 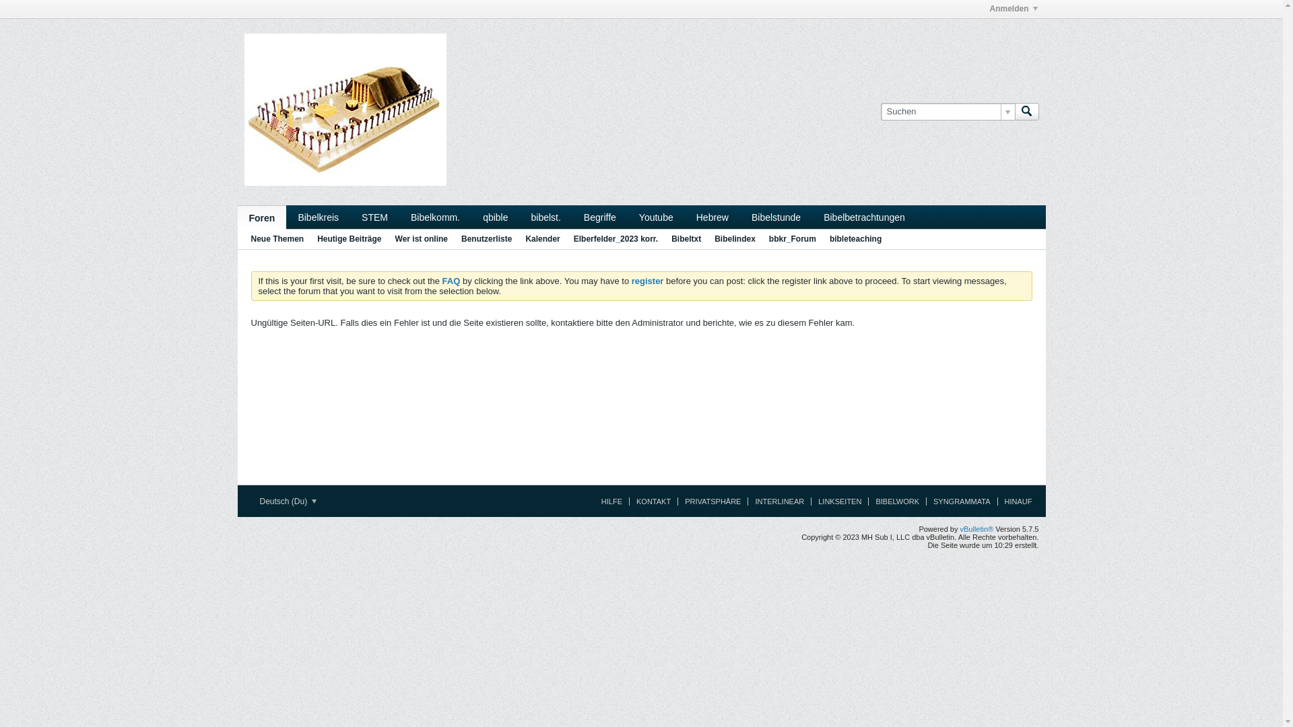 I want to click on 'Powered by vBulletin', so click(x=345, y=108).